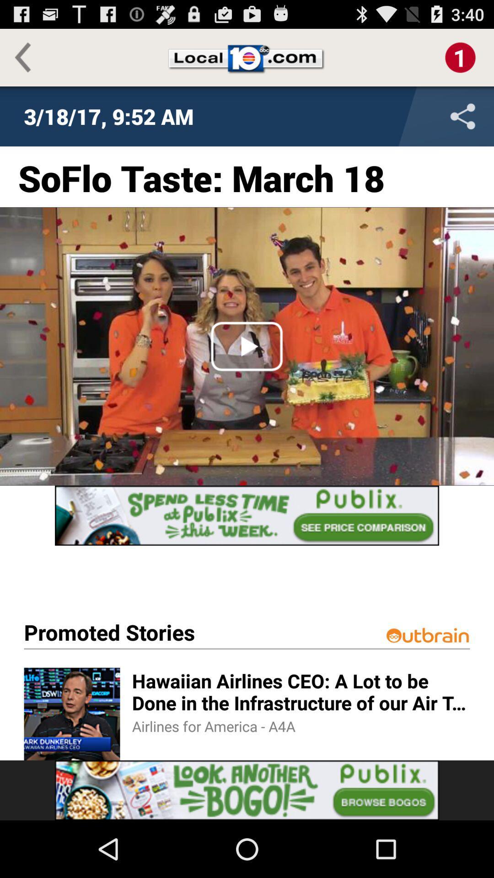 The width and height of the screenshot is (494, 878). What do you see at coordinates (460, 57) in the screenshot?
I see `one unread notification` at bounding box center [460, 57].